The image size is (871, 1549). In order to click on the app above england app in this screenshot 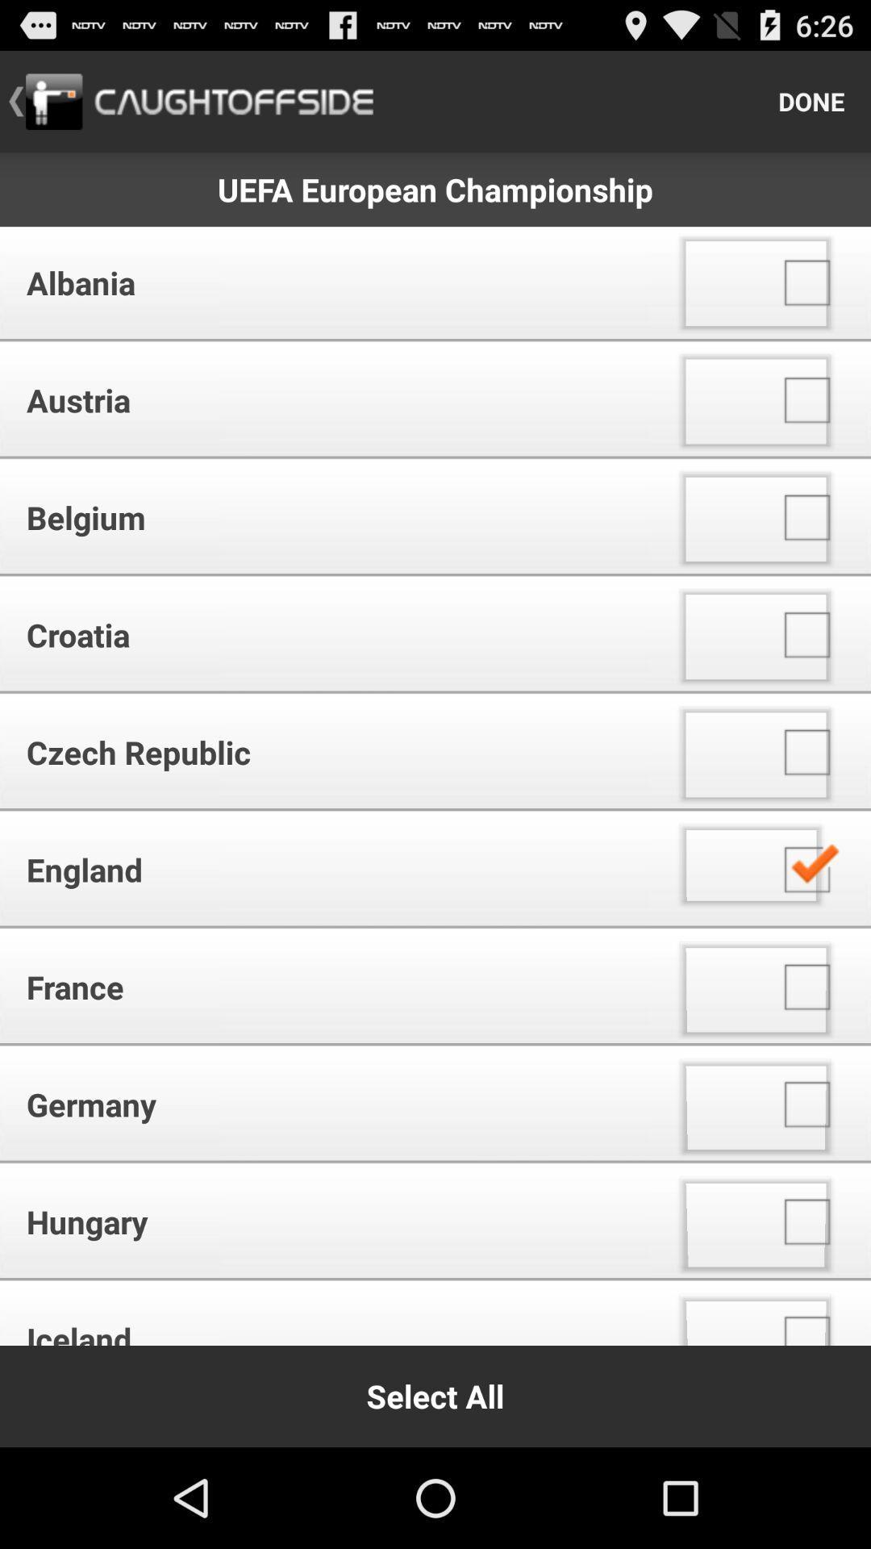, I will do `click(330, 751)`.